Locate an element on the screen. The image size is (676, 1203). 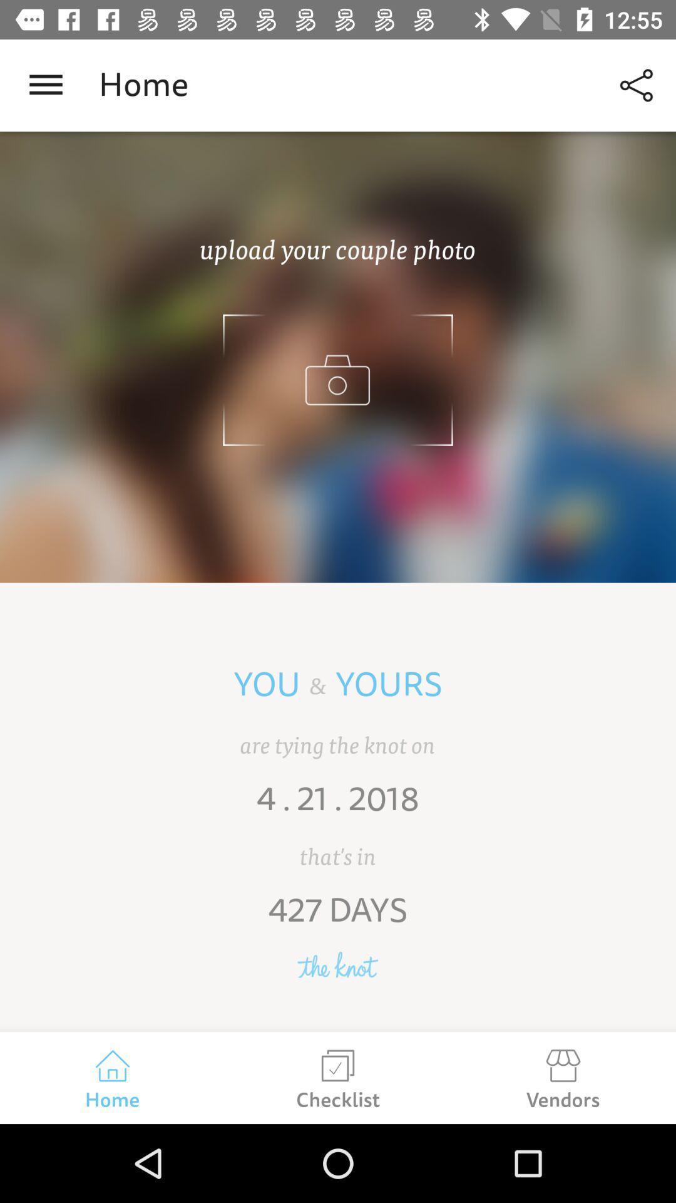
open a menu is located at coordinates (45, 85).